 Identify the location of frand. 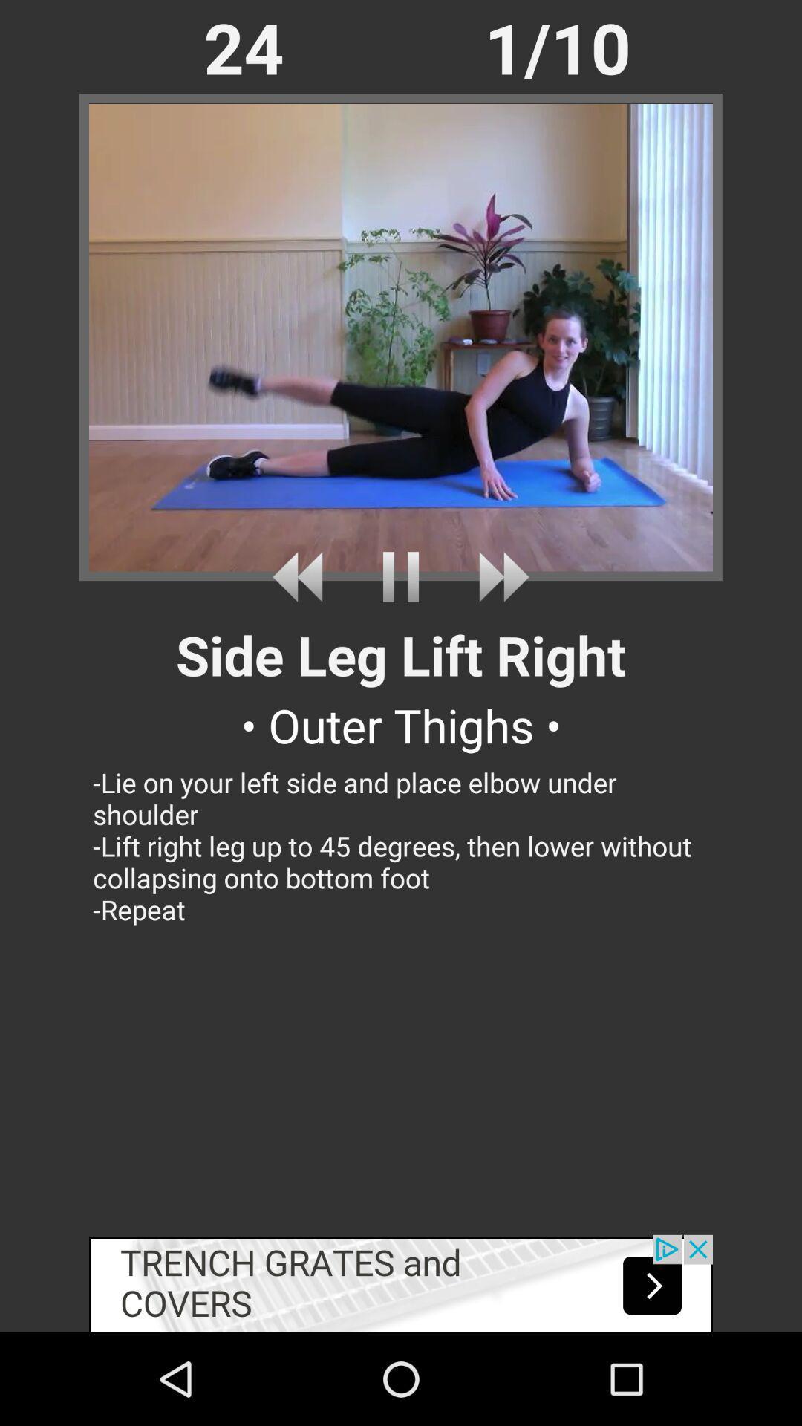
(302, 576).